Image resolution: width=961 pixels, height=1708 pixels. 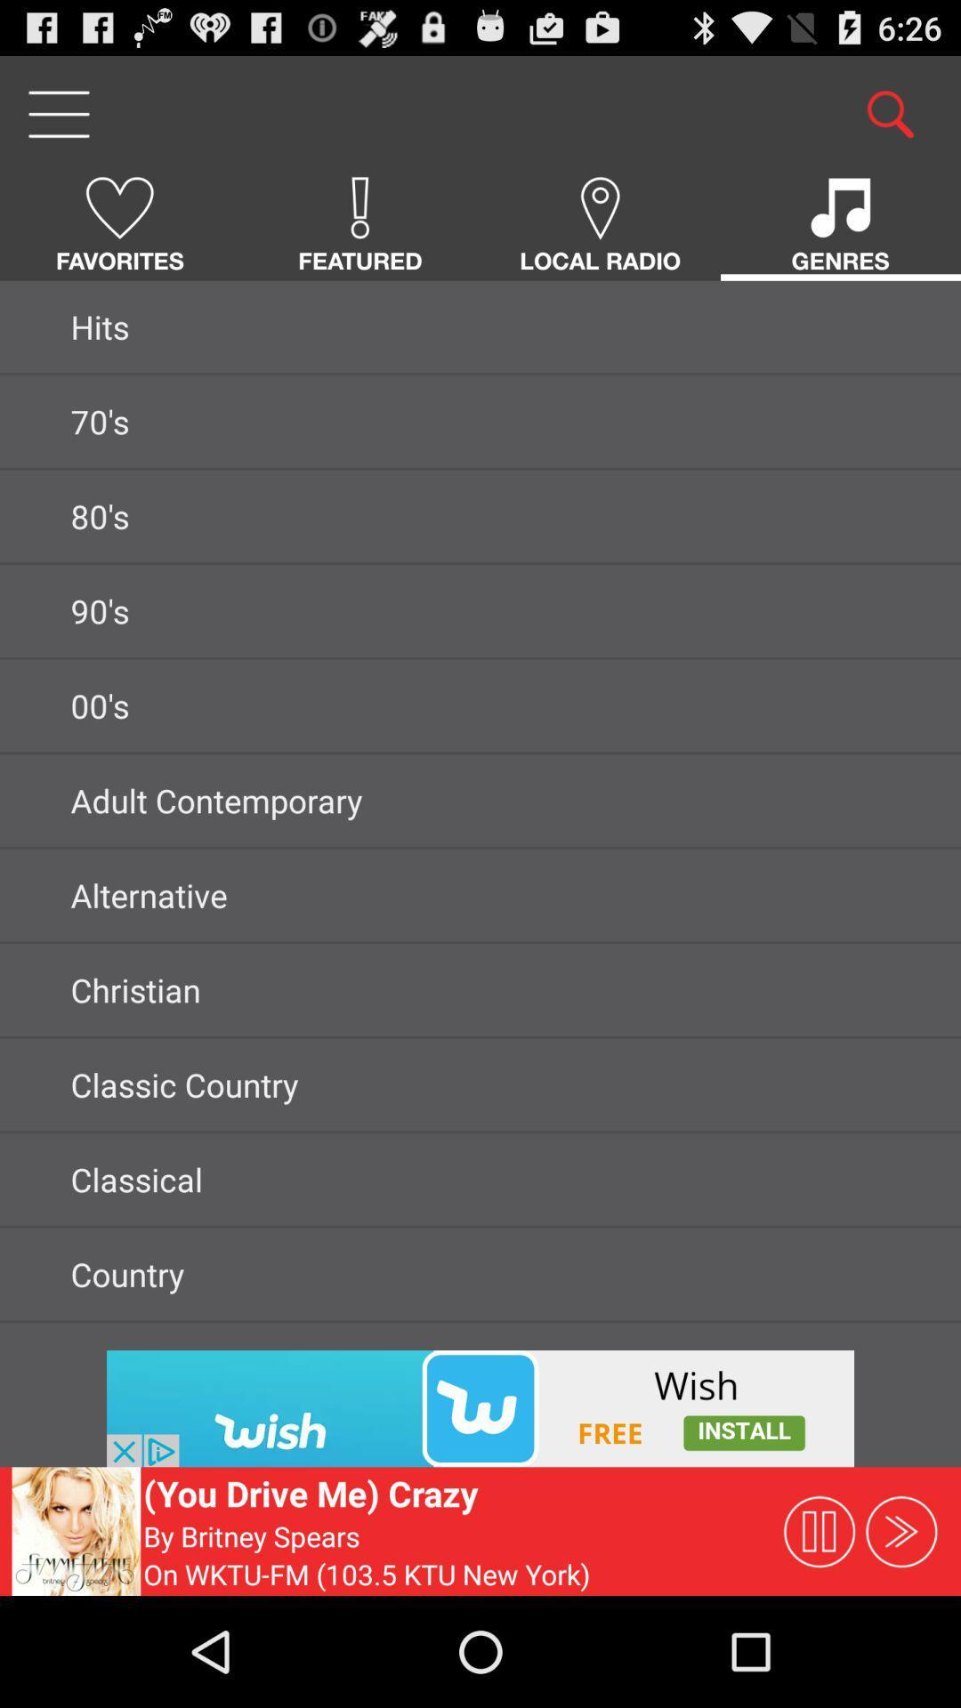 I want to click on imge, so click(x=480, y=1407).